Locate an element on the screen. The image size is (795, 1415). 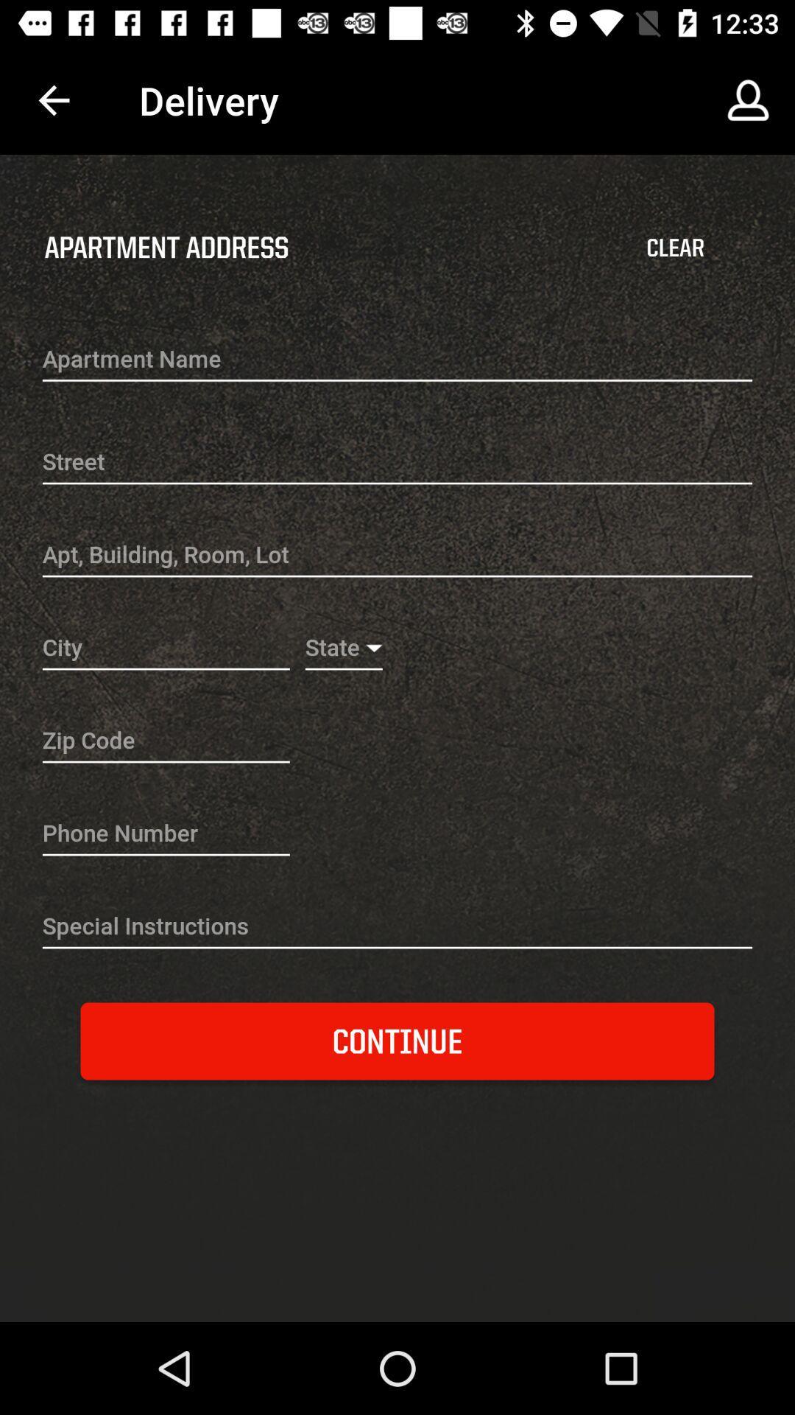
item to the right of apartment address item is located at coordinates (675, 248).